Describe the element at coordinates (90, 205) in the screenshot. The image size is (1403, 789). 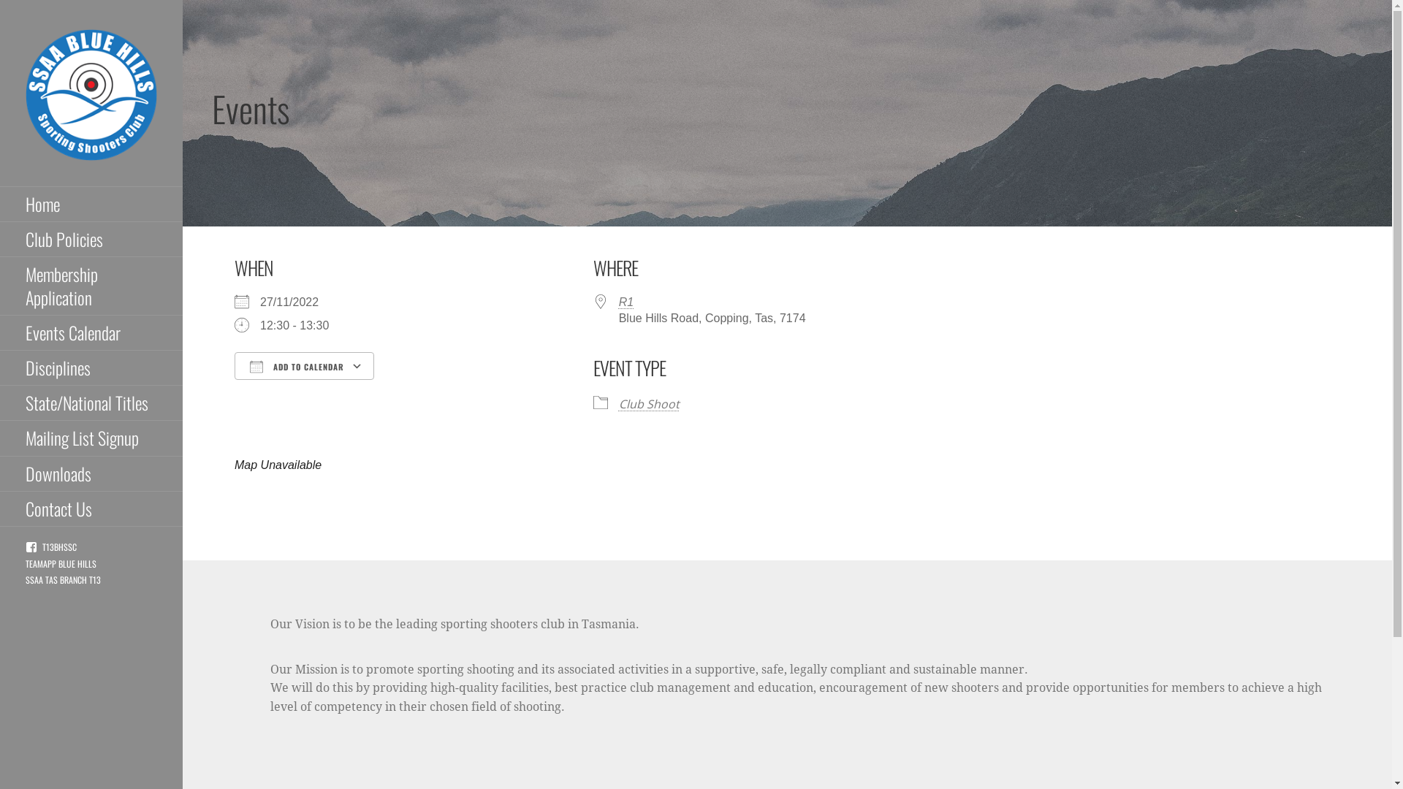
I see `'Home'` at that location.